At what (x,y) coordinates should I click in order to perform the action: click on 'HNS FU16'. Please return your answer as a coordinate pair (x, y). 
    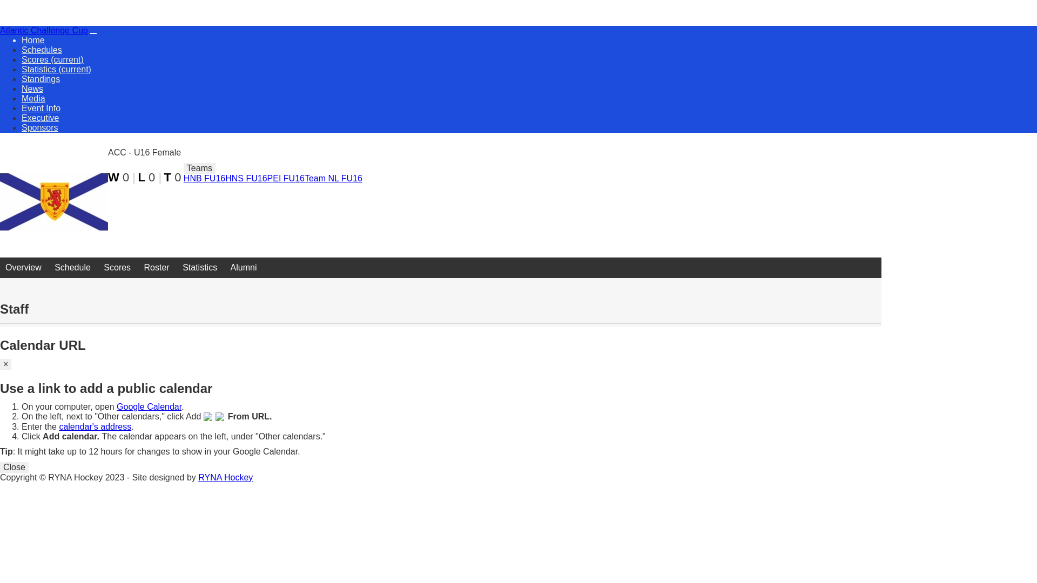
    Looking at the image, I should click on (245, 178).